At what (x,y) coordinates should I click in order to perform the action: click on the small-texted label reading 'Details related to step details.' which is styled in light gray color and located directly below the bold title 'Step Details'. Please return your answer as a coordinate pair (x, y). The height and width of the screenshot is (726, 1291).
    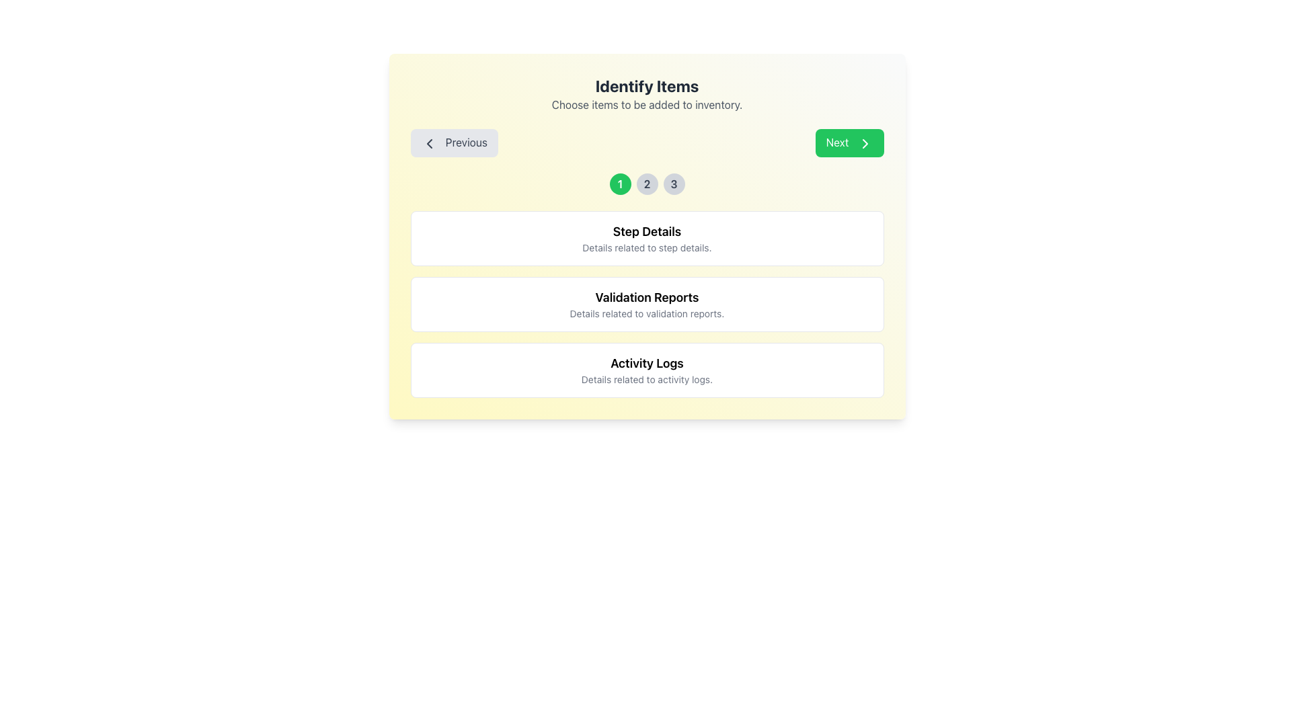
    Looking at the image, I should click on (647, 247).